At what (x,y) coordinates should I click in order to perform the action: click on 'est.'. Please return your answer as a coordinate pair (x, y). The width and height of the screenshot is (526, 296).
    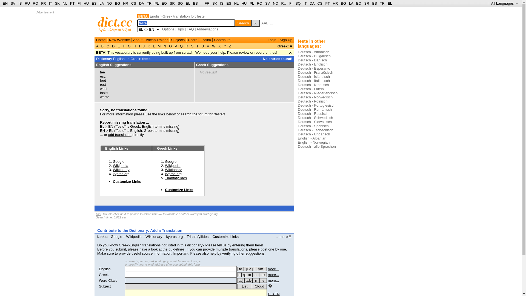
    Looking at the image, I should click on (103, 76).